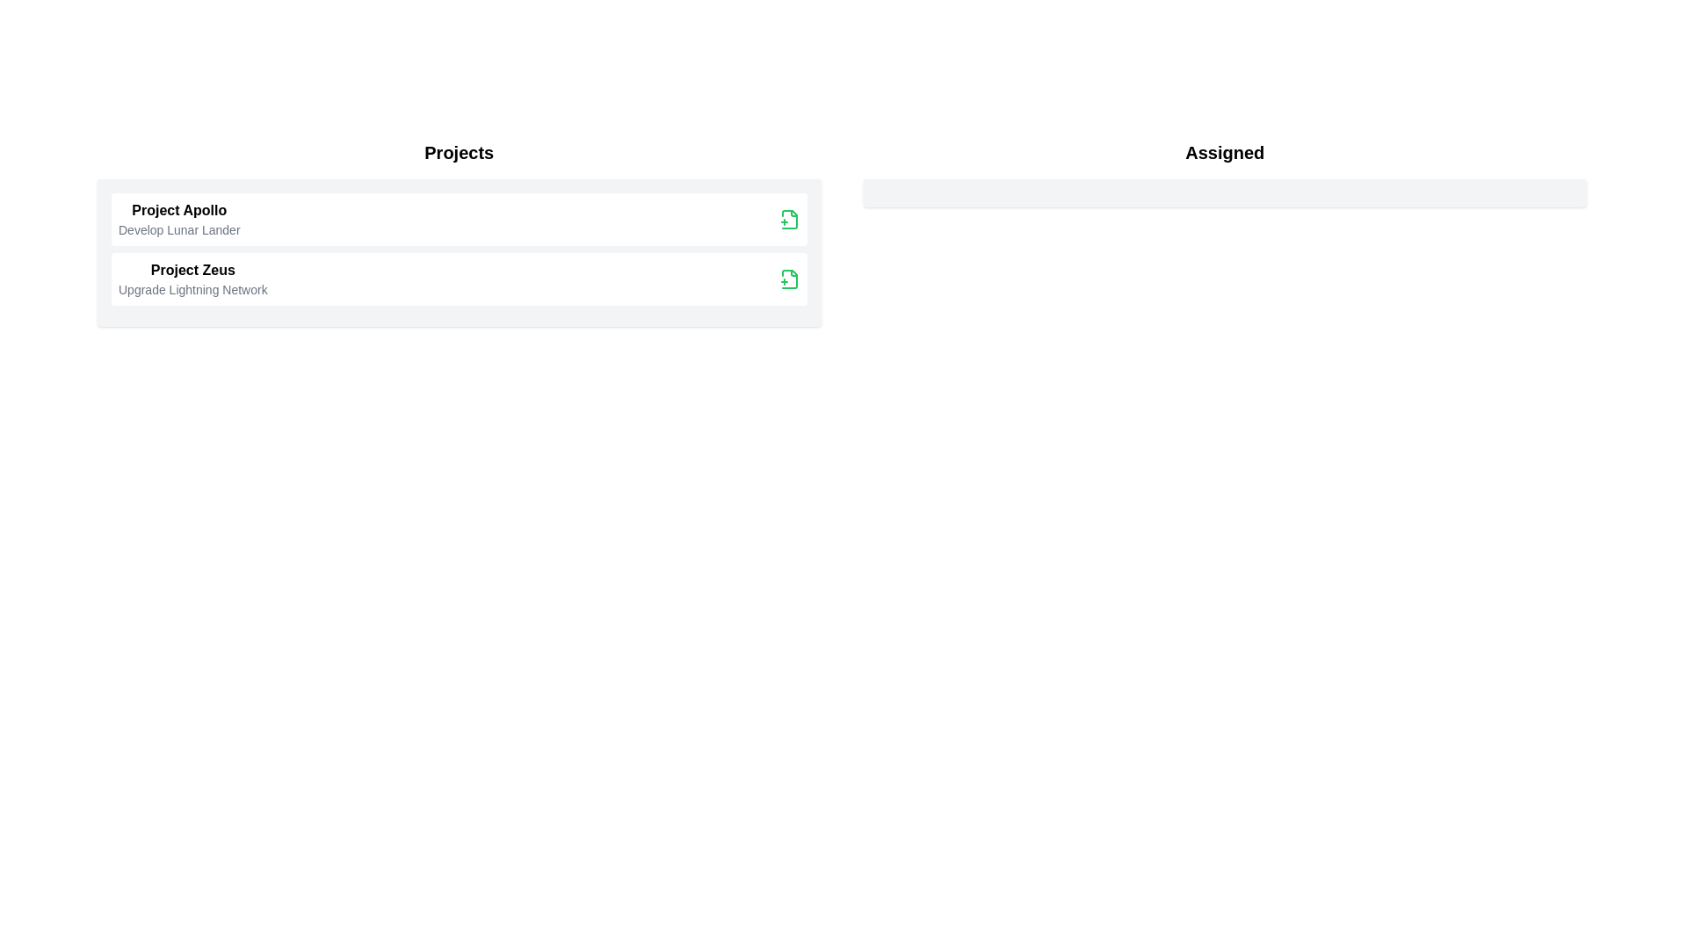 The width and height of the screenshot is (1687, 949). Describe the element at coordinates (178, 219) in the screenshot. I see `the project item Project Apollo to the assigned list` at that location.